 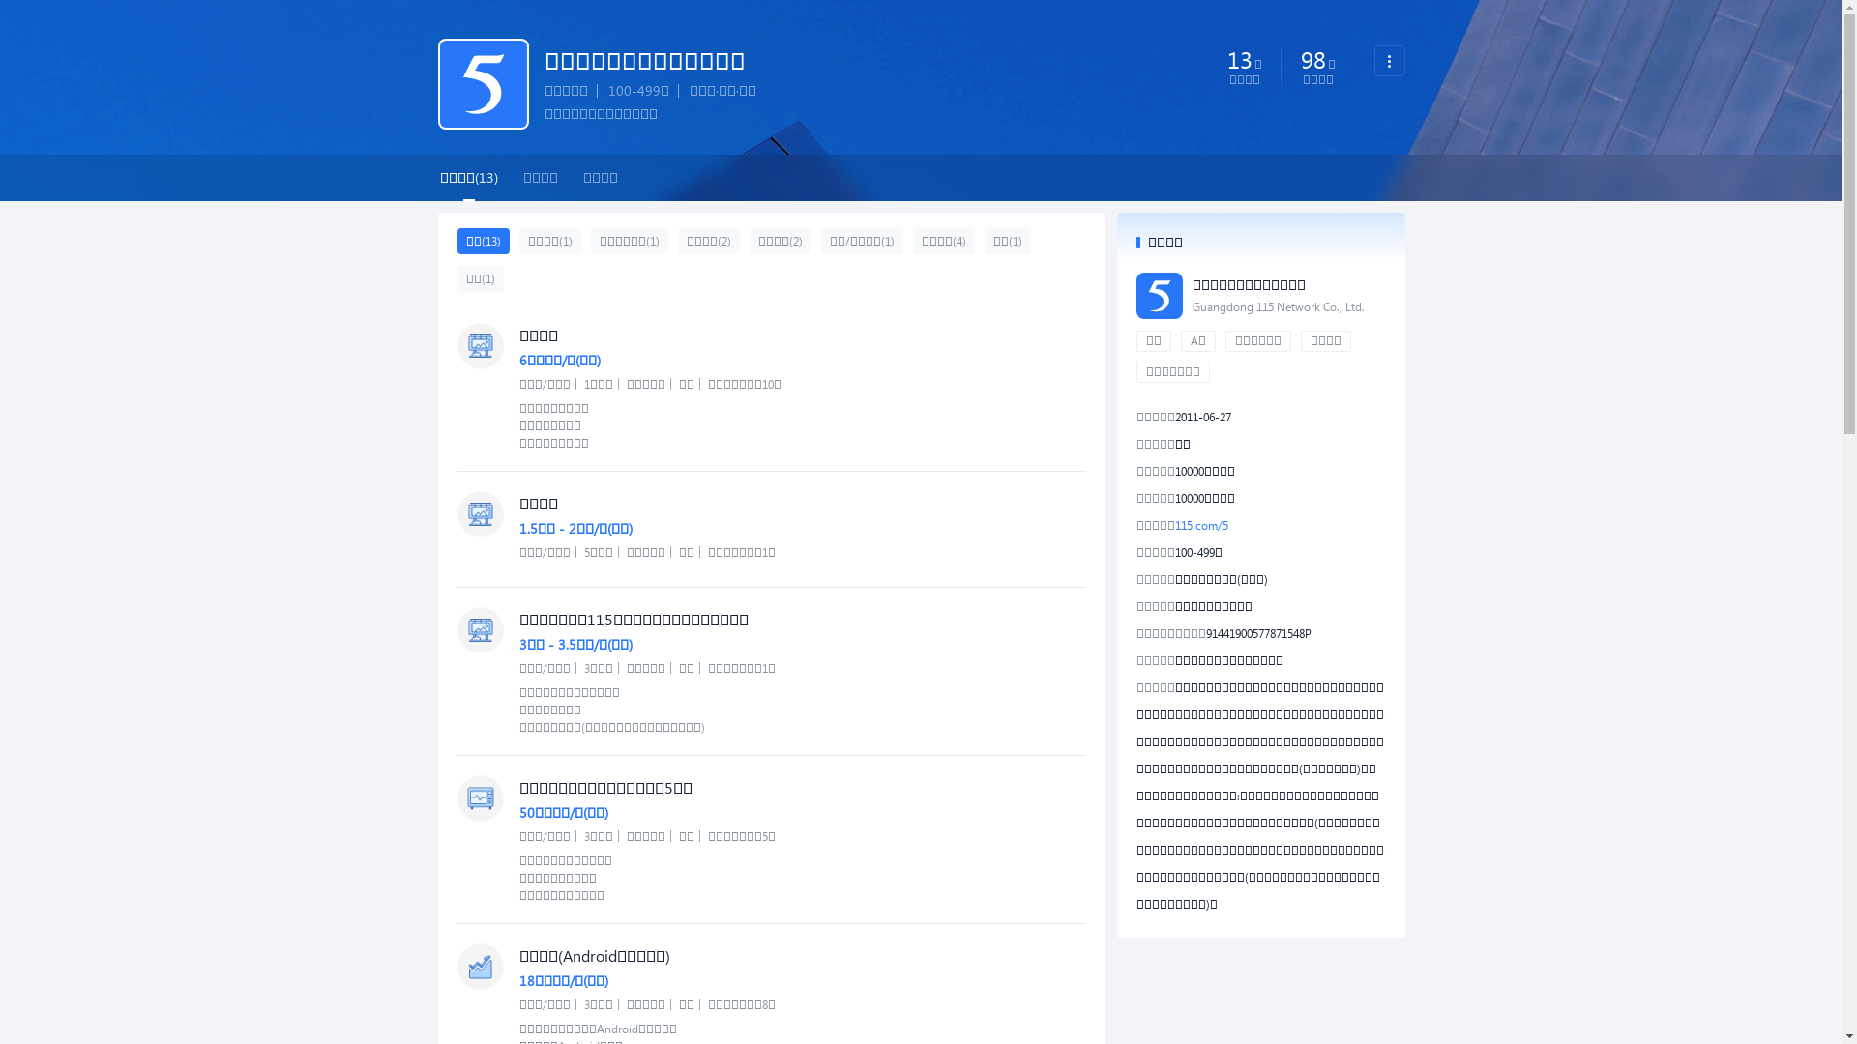 I want to click on '115.com/5', so click(x=1199, y=525).